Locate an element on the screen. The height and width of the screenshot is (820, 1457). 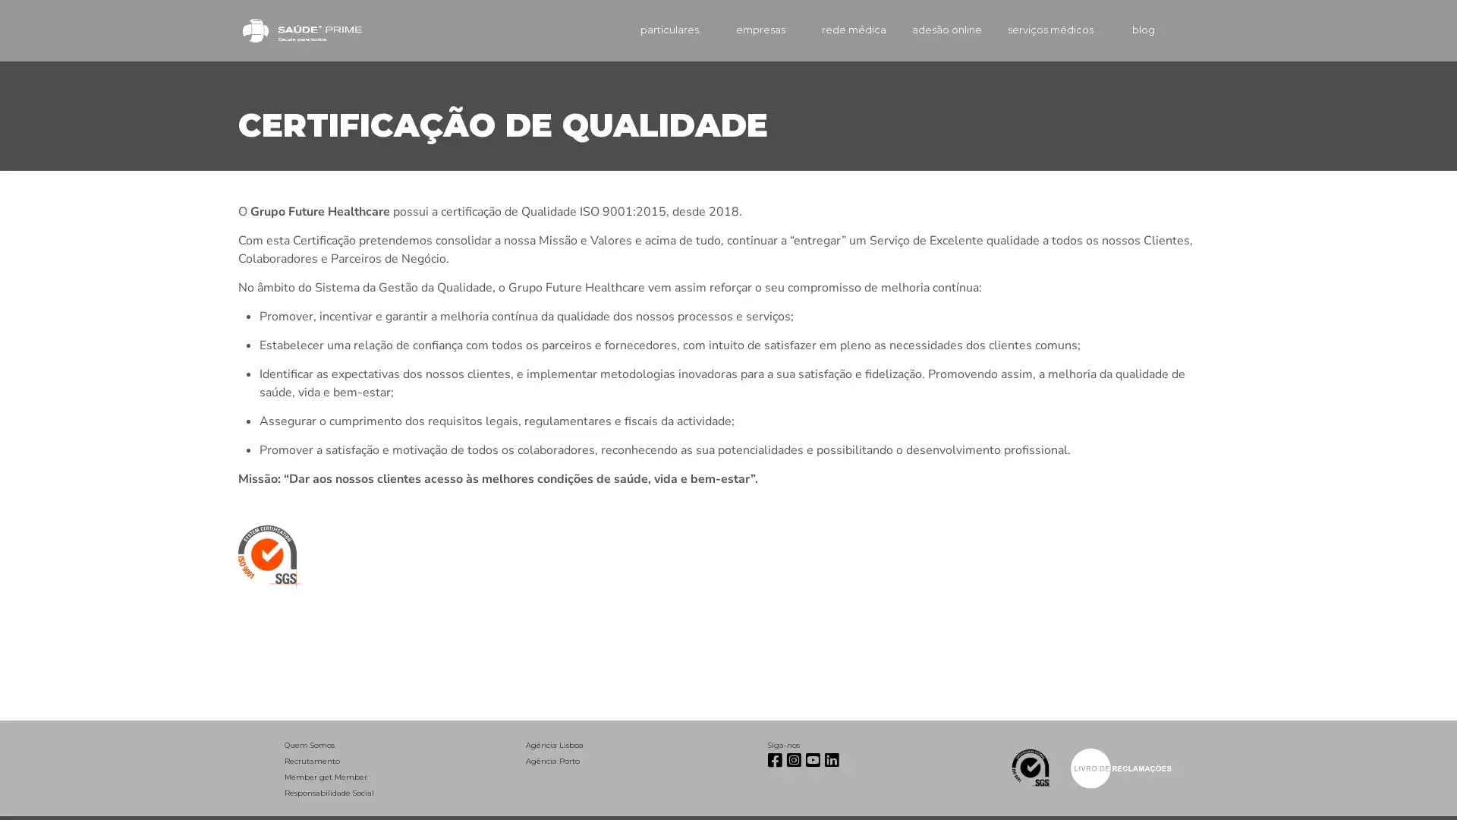
empresas is located at coordinates (739, 30).